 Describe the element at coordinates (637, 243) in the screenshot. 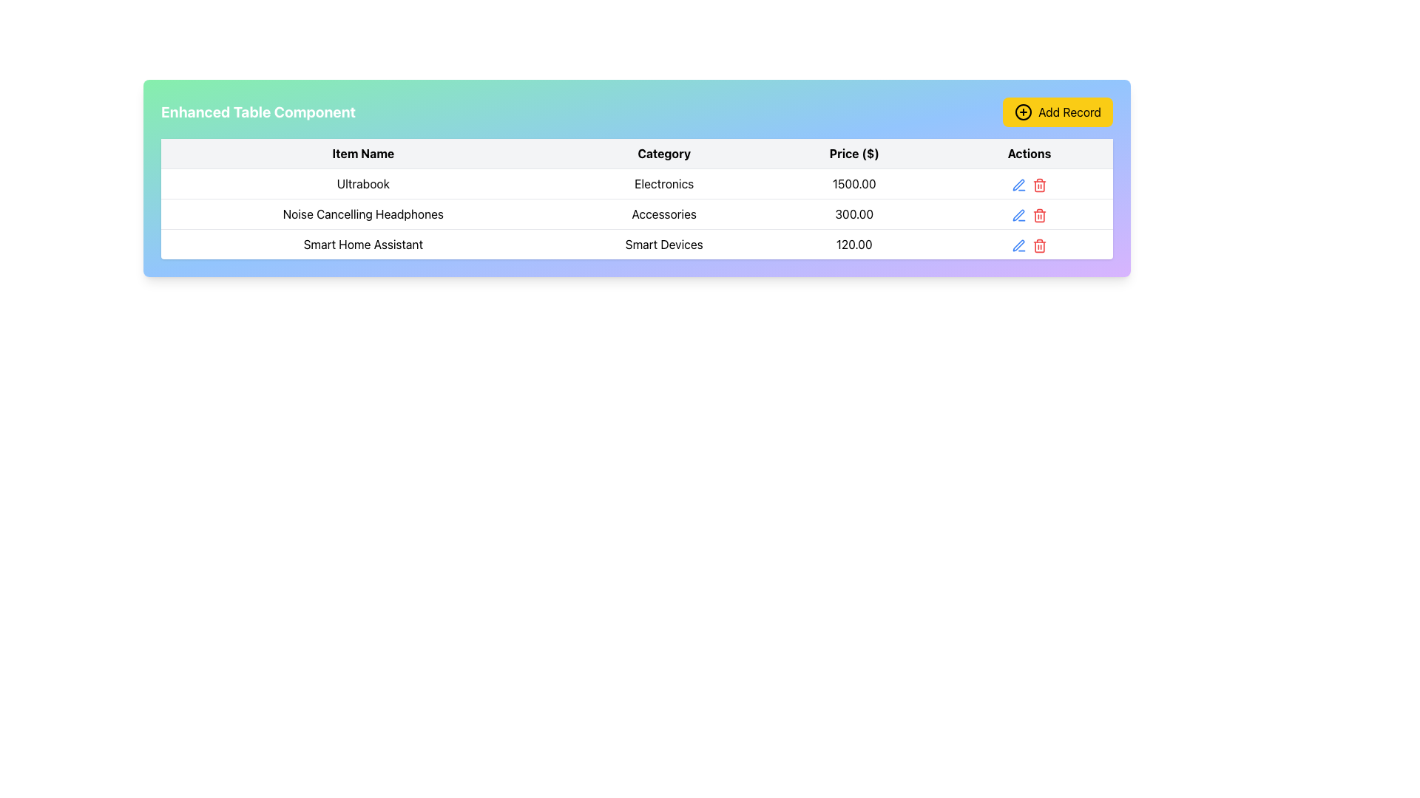

I see `the third row of the table that contains detailed information about the Smart Home Assistant, located below the rows for 'Ultrabook' and 'Noise Cancelling Headphones'` at that location.